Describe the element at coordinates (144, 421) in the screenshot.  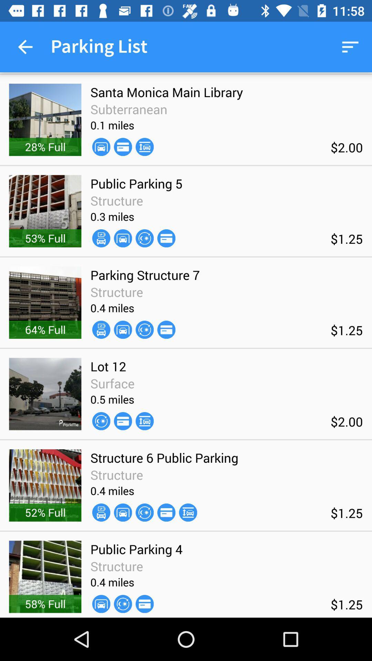
I see `the icon next to the 0.5 miles` at that location.